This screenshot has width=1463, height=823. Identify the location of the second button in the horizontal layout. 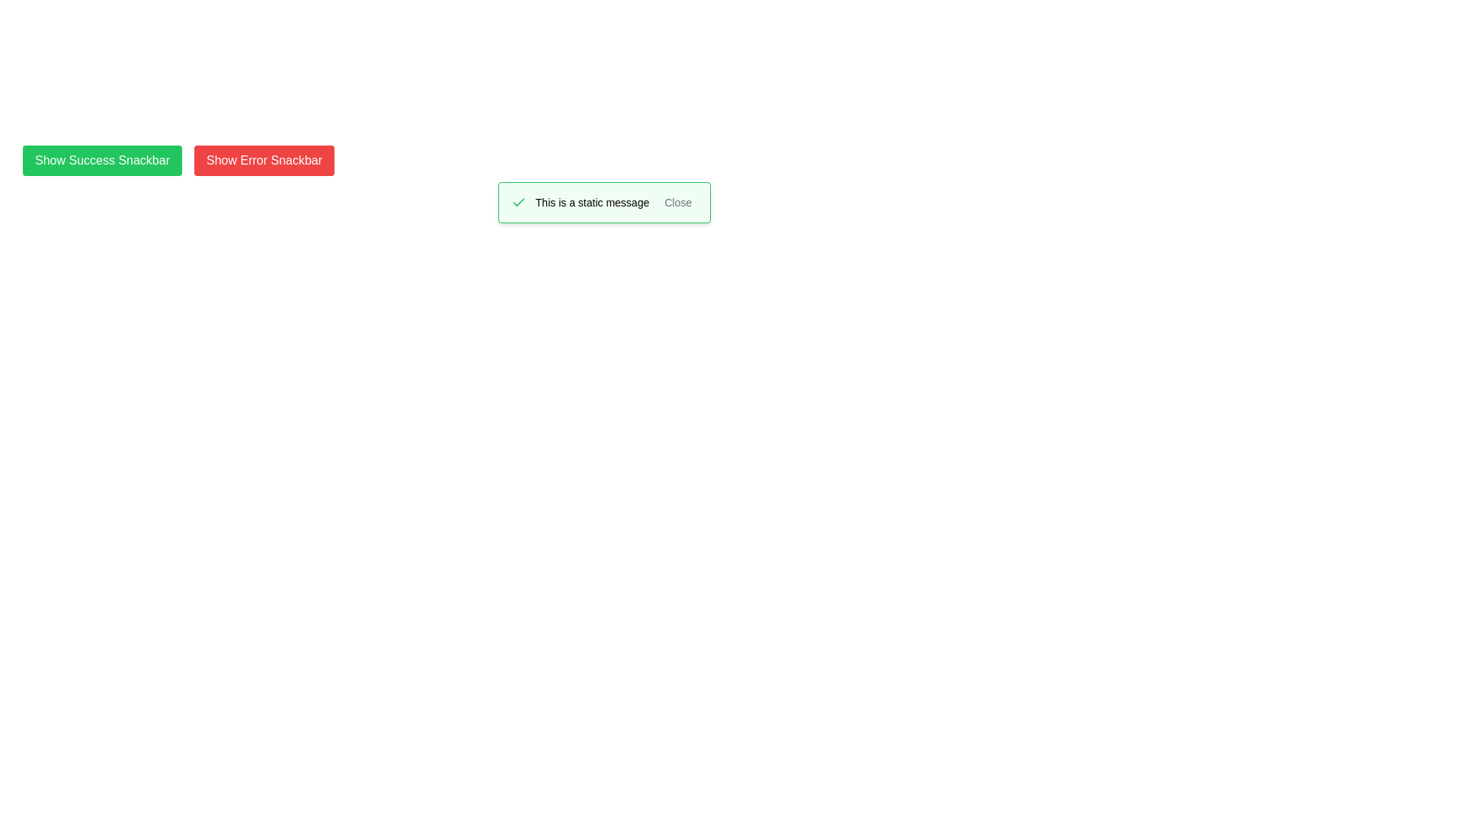
(264, 161).